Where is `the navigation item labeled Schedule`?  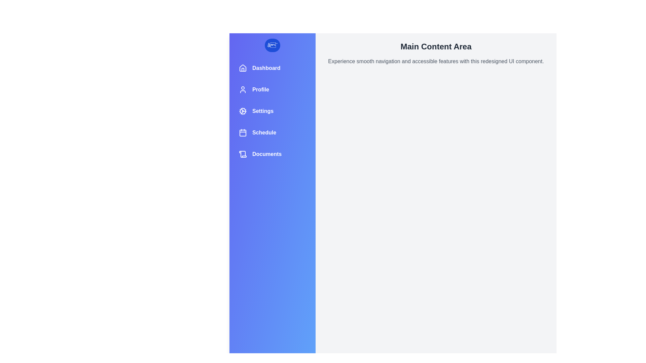
the navigation item labeled Schedule is located at coordinates (273, 132).